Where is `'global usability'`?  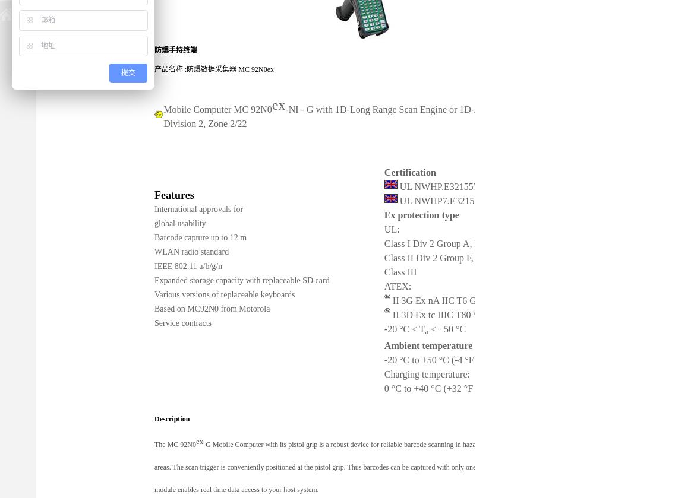 'global usability' is located at coordinates (179, 223).